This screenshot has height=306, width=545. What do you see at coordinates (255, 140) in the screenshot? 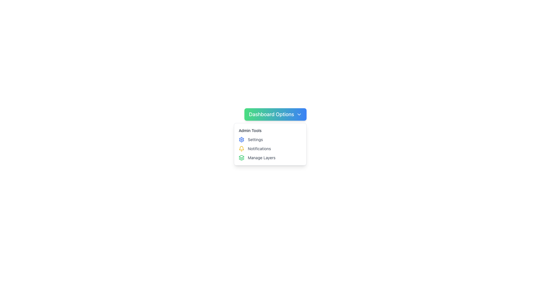
I see `the 'Settings' label, which is styled in light gray and is located below 'Admin Tools' and above 'Notifications' in the 'Dashboard Options' dropdown` at bounding box center [255, 140].